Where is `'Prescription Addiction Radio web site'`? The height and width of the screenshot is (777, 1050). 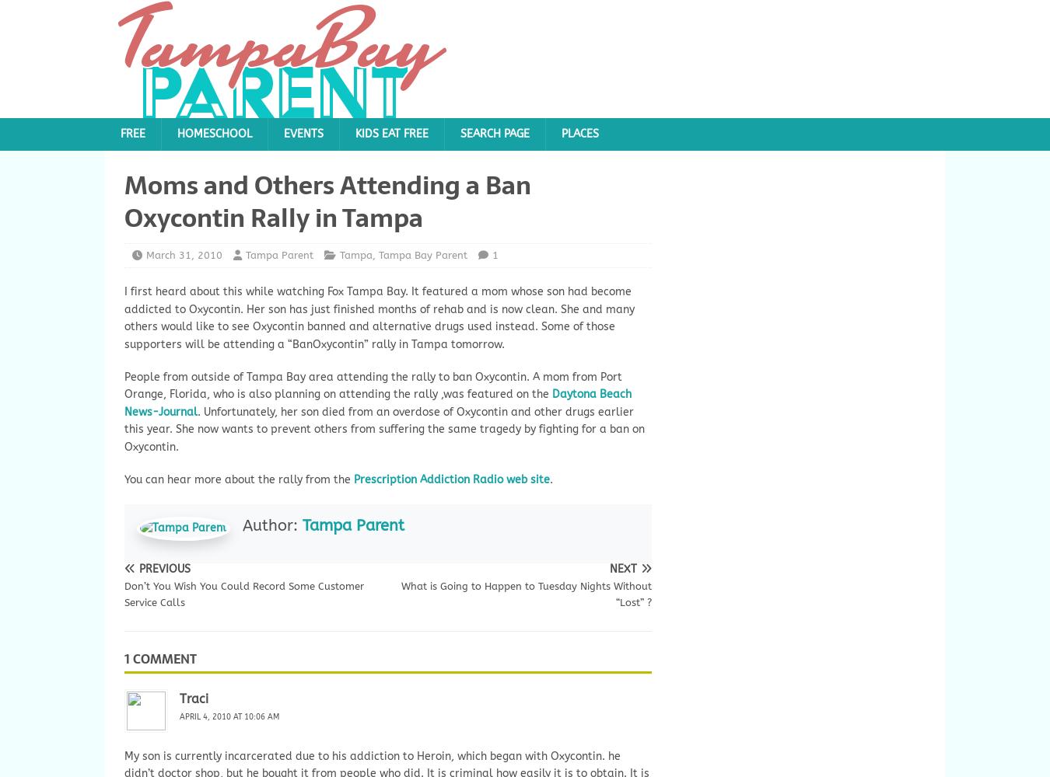
'Prescription Addiction Radio web site' is located at coordinates (452, 478).